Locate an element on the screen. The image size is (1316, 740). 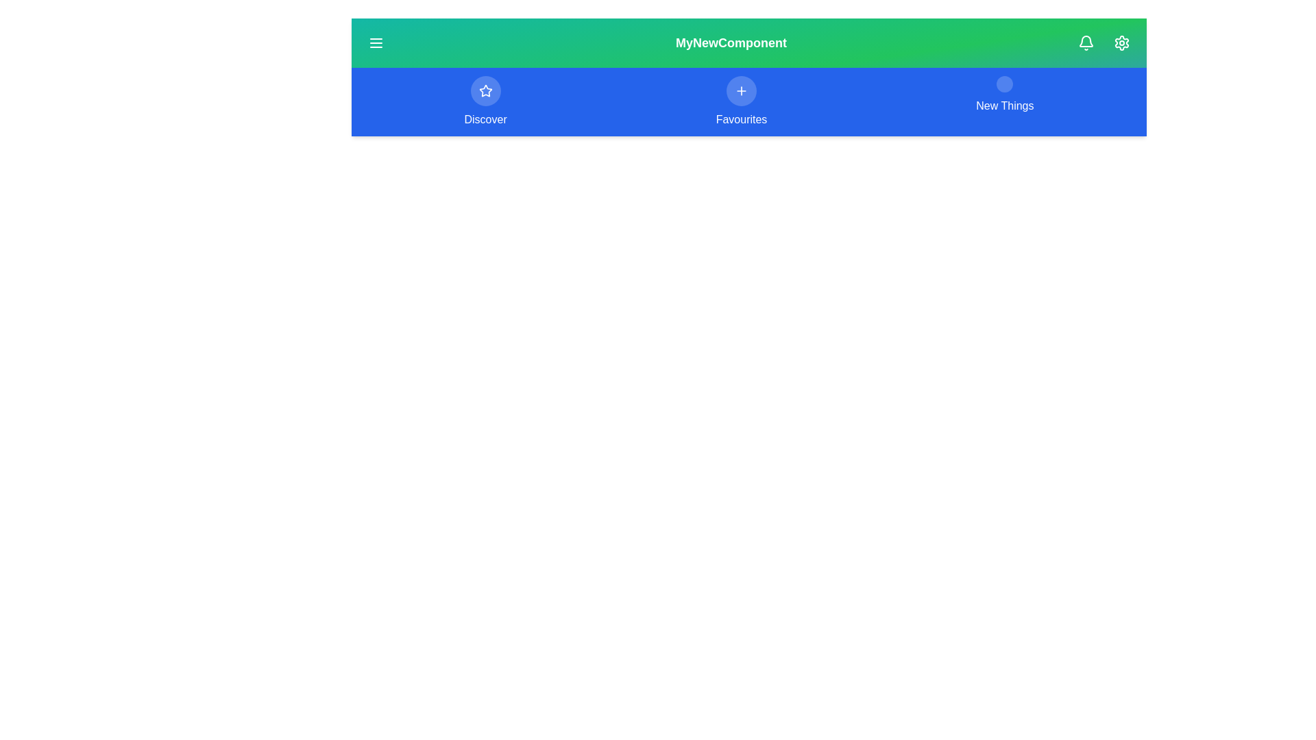
the title text 'MyNewComponent' displayed in the center of the app bar is located at coordinates (730, 42).